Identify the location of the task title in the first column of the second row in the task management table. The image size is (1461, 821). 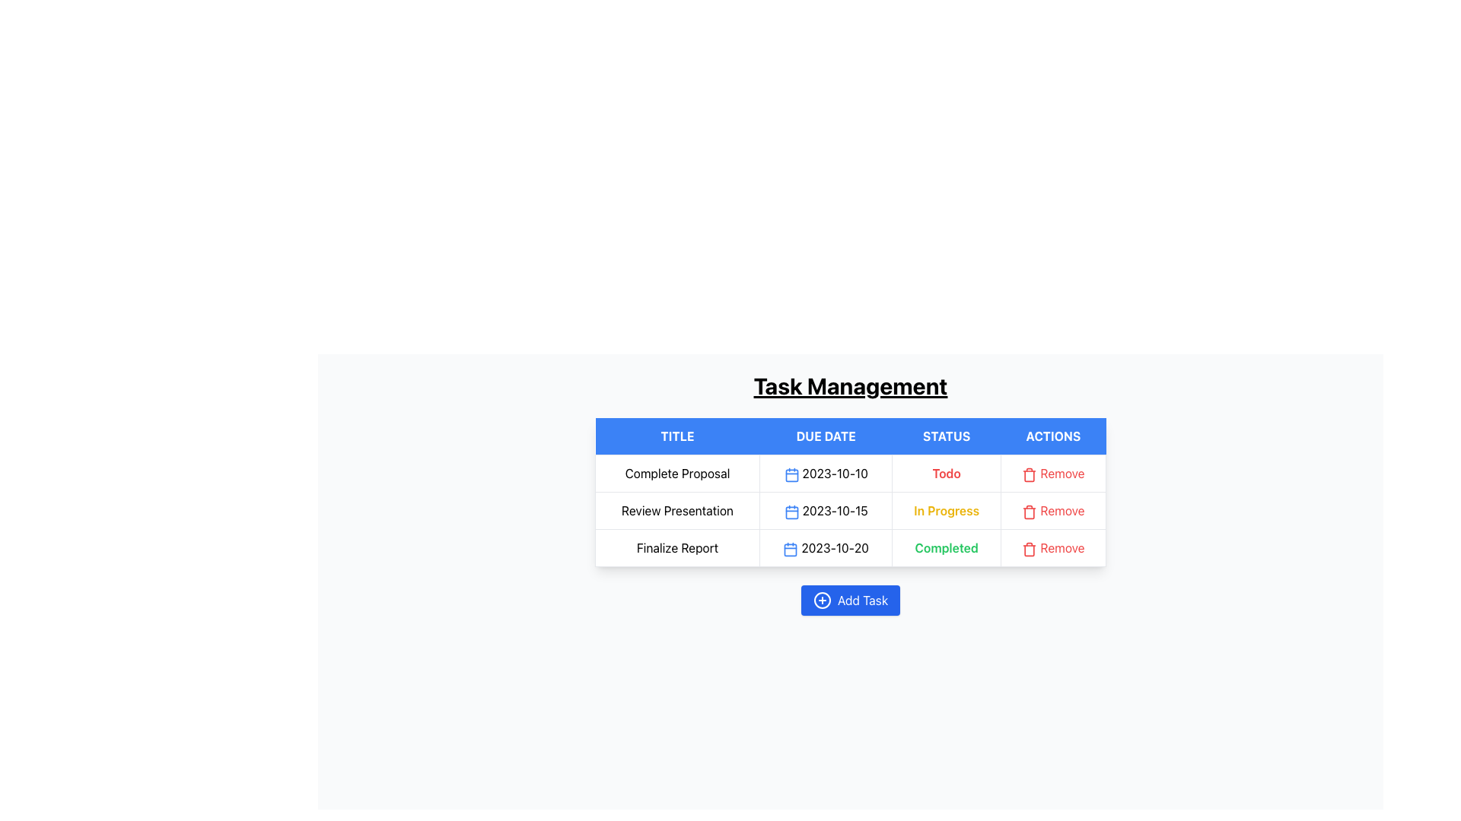
(676, 510).